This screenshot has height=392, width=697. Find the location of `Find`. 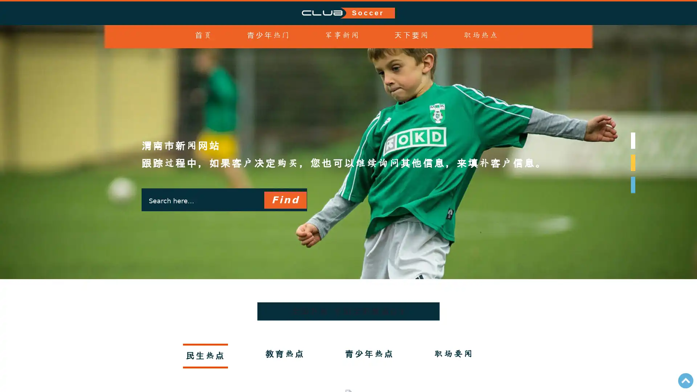

Find is located at coordinates (285, 200).